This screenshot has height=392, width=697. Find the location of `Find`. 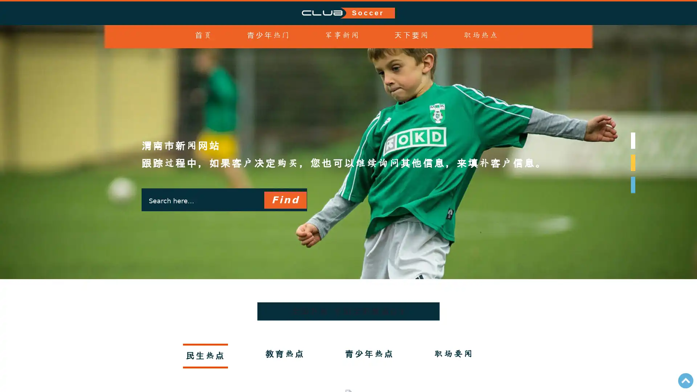

Find is located at coordinates (285, 200).